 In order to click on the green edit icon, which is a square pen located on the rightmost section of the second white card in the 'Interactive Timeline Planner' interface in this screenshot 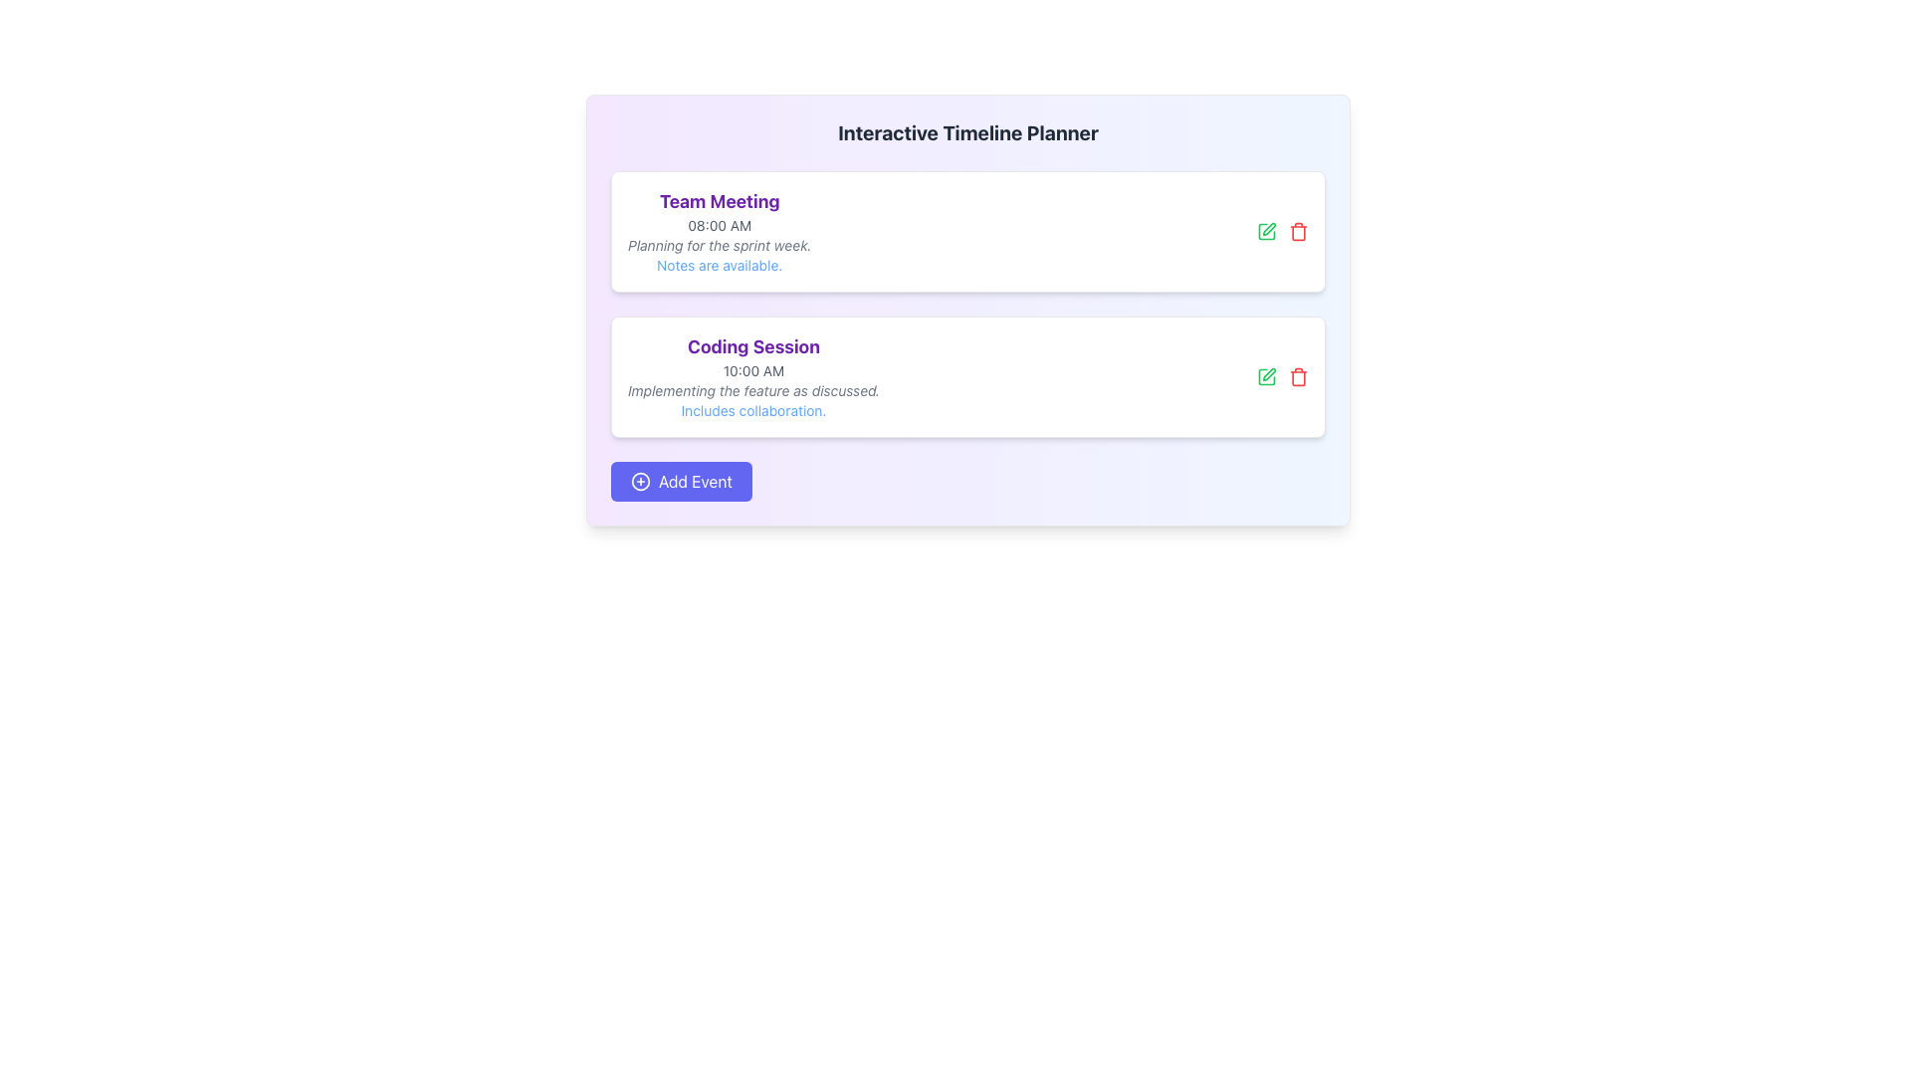, I will do `click(1265, 230)`.